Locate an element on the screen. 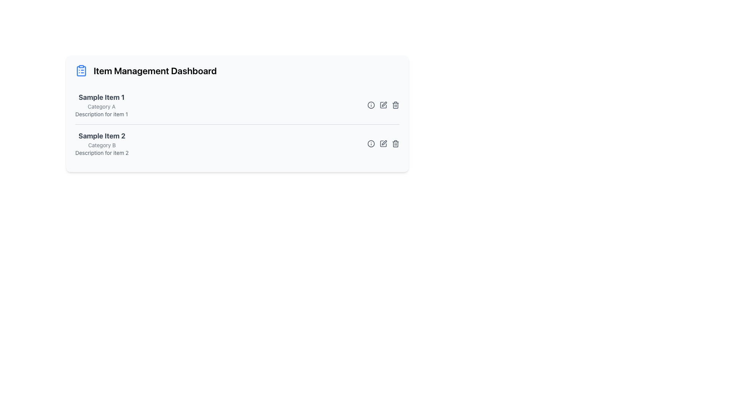 The width and height of the screenshot is (734, 413). the pencil icon button, which is the second icon in the action buttons section to the right of 'Sample Item 1', to trigger the color change to yellow is located at coordinates (383, 105).